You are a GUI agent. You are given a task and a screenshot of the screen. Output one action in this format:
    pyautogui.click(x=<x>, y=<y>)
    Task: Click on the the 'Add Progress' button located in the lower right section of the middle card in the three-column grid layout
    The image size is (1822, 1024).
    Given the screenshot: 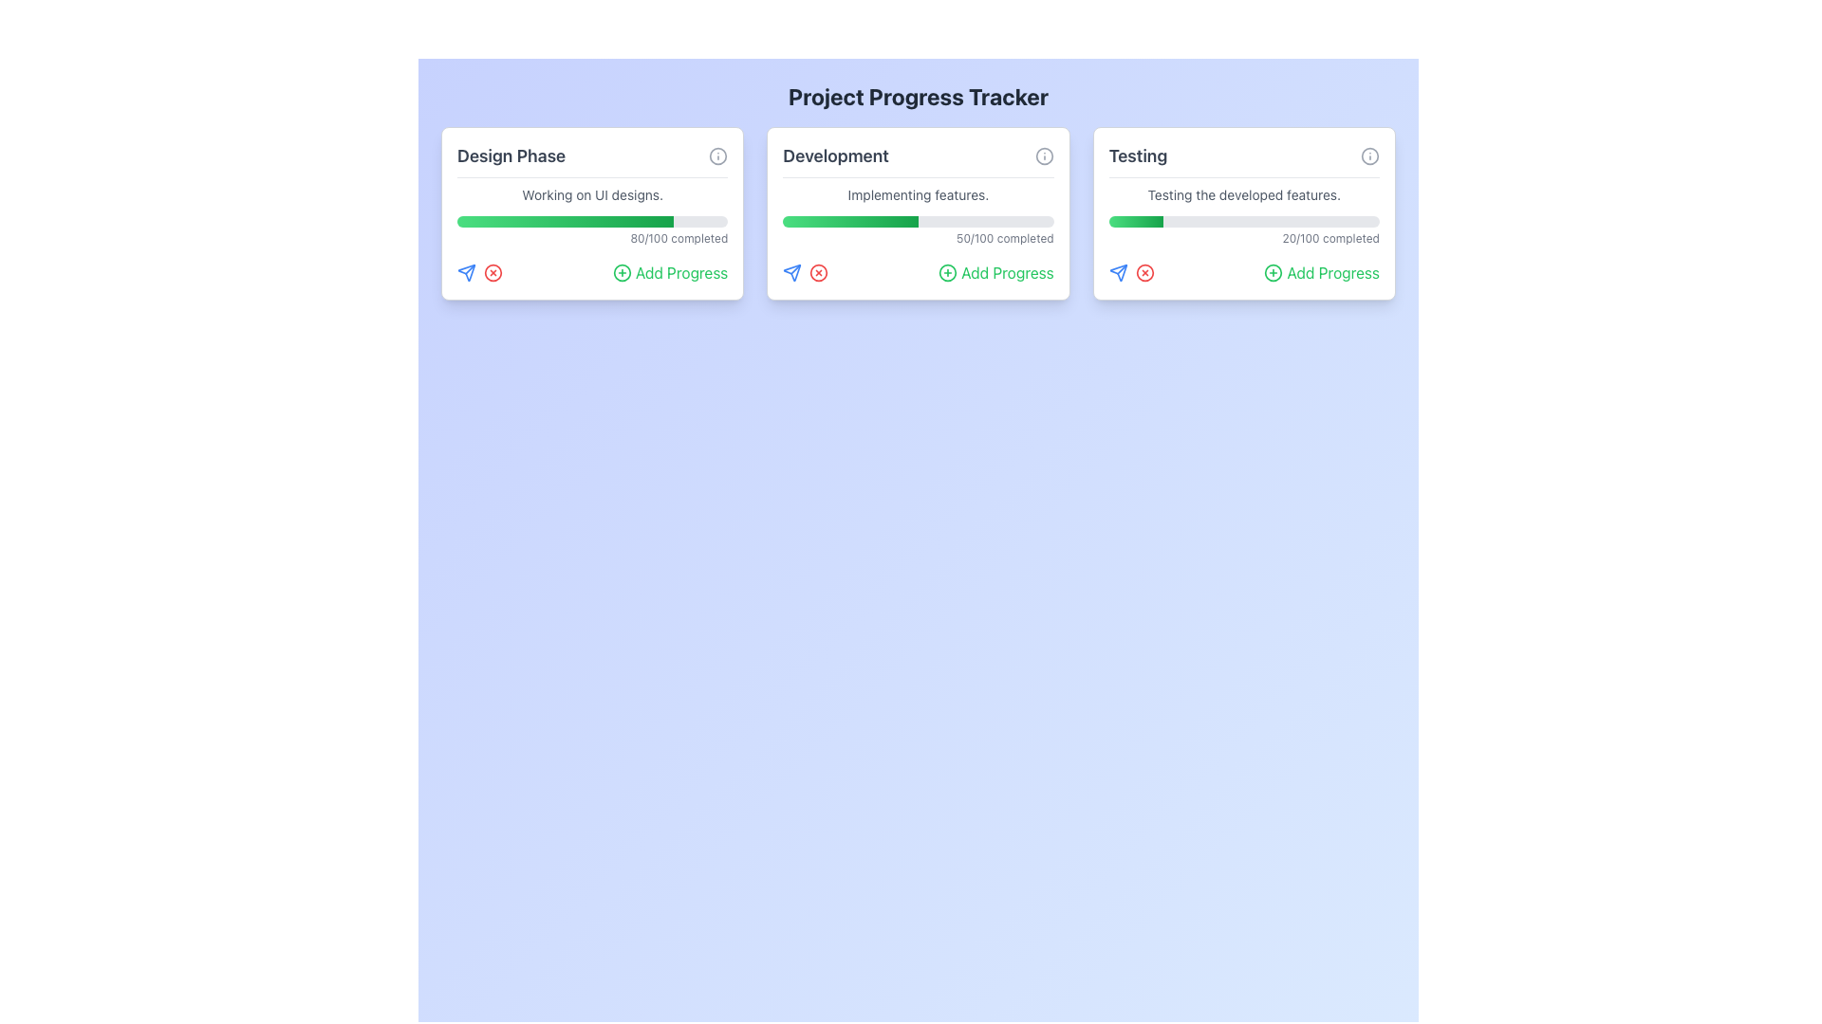 What is the action you would take?
    pyautogui.click(x=995, y=273)
    